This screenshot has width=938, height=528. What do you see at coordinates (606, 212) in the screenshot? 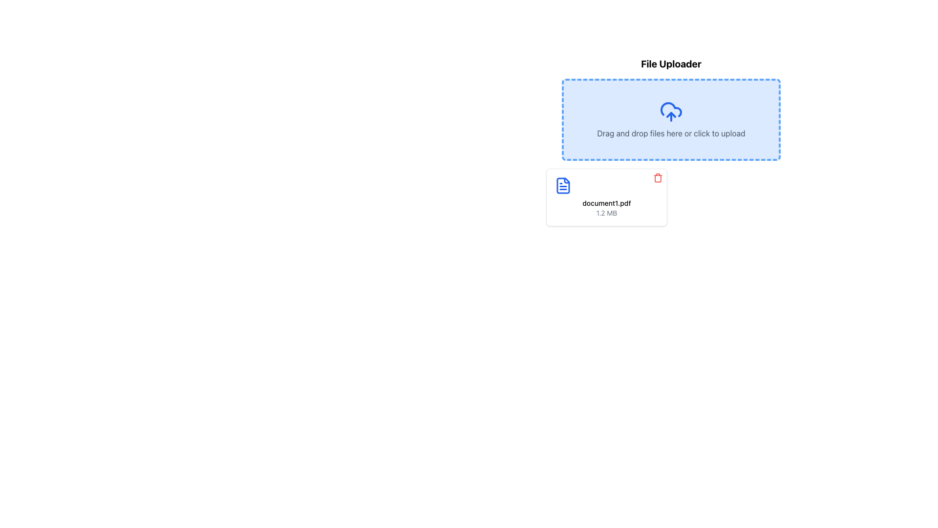
I see `the text label displaying the file size '1.2 MB' which is located beneath the filename 'document1.pdf' in the document representation box` at bounding box center [606, 212].